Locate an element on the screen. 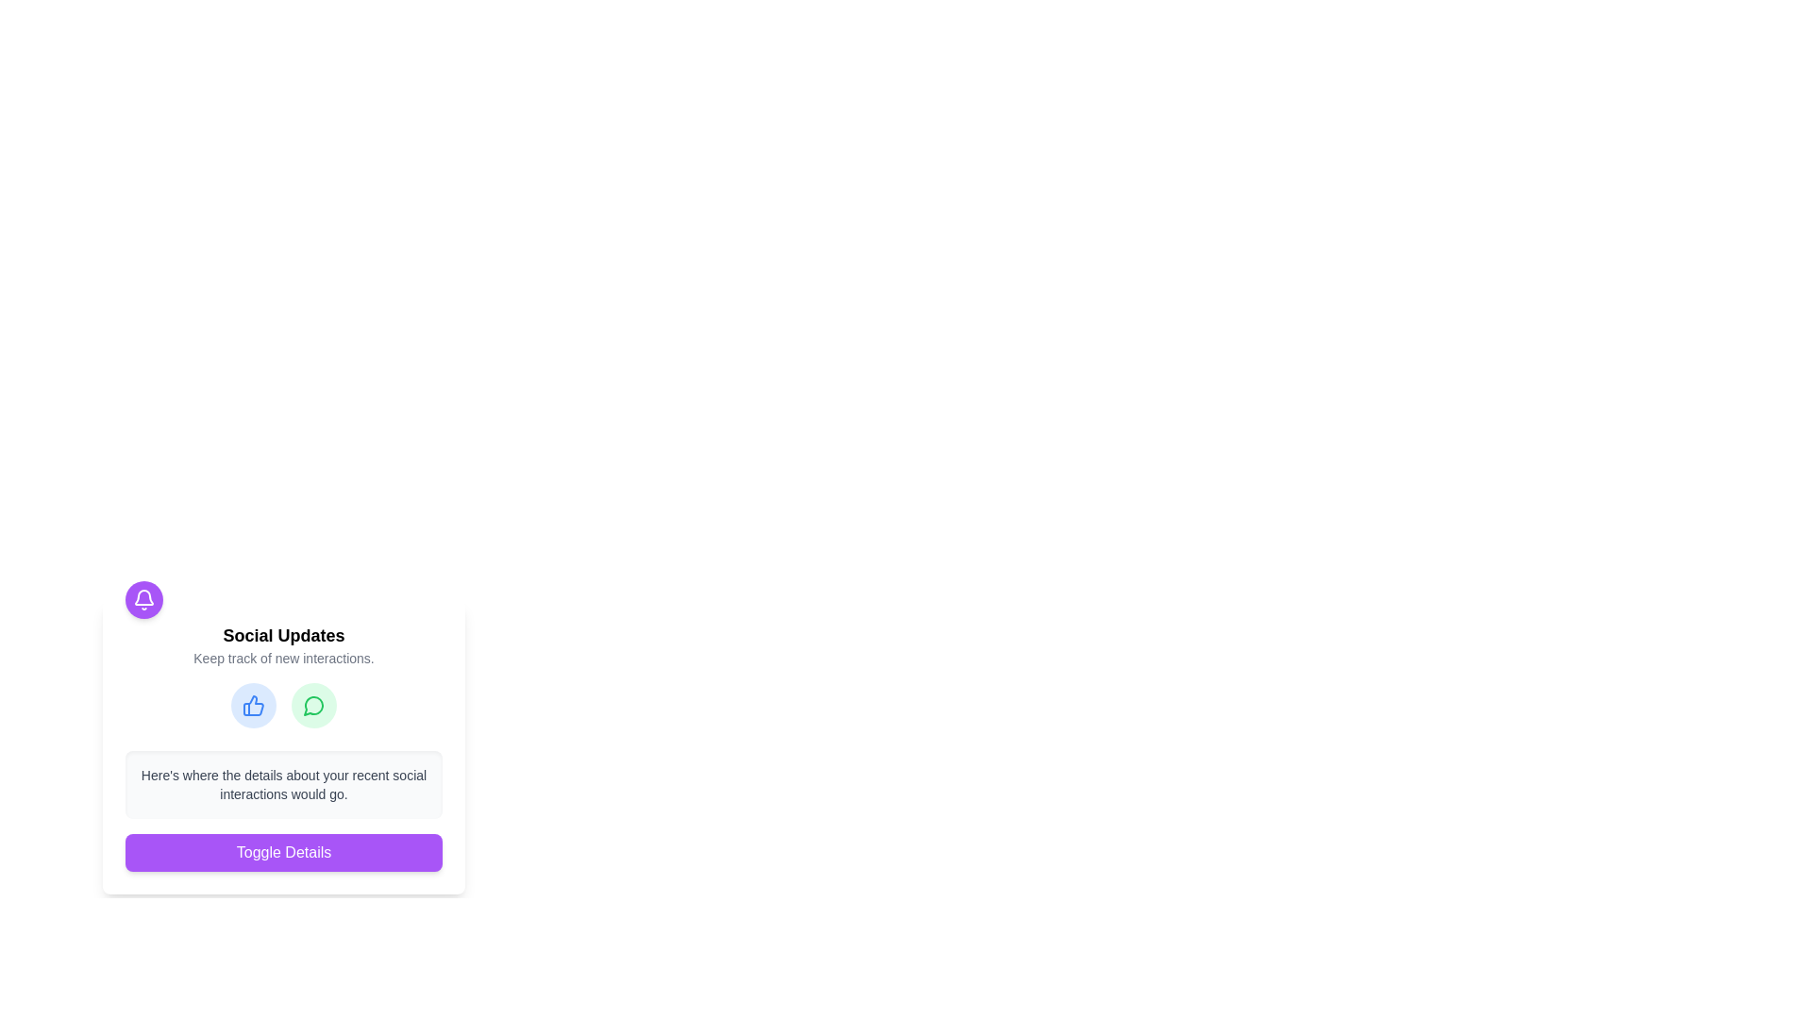 The height and width of the screenshot is (1019, 1812). the prominent purple button labeled 'Toggle Details' is located at coordinates (283, 852).